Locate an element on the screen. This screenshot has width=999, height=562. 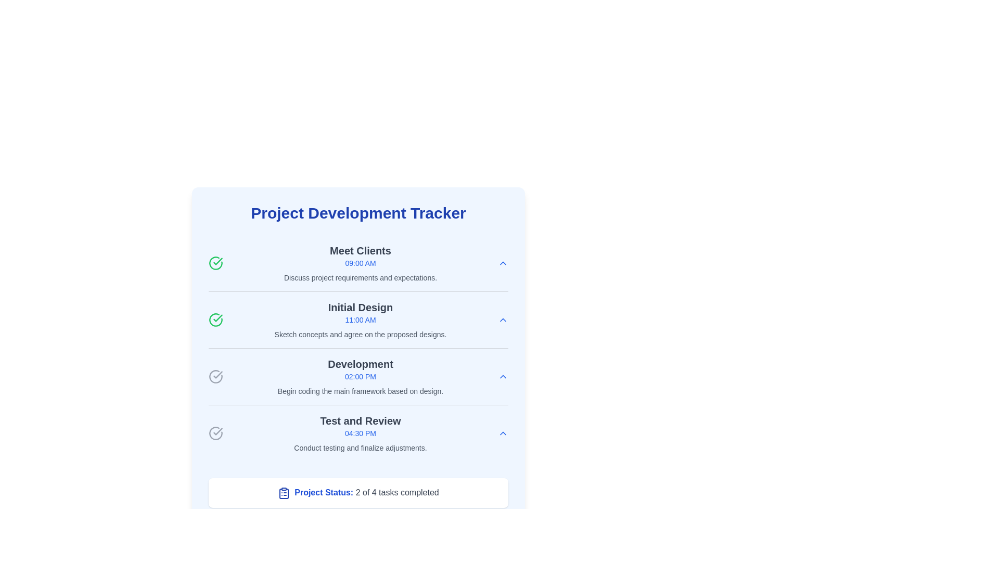
the first task information display block is located at coordinates (360, 262).